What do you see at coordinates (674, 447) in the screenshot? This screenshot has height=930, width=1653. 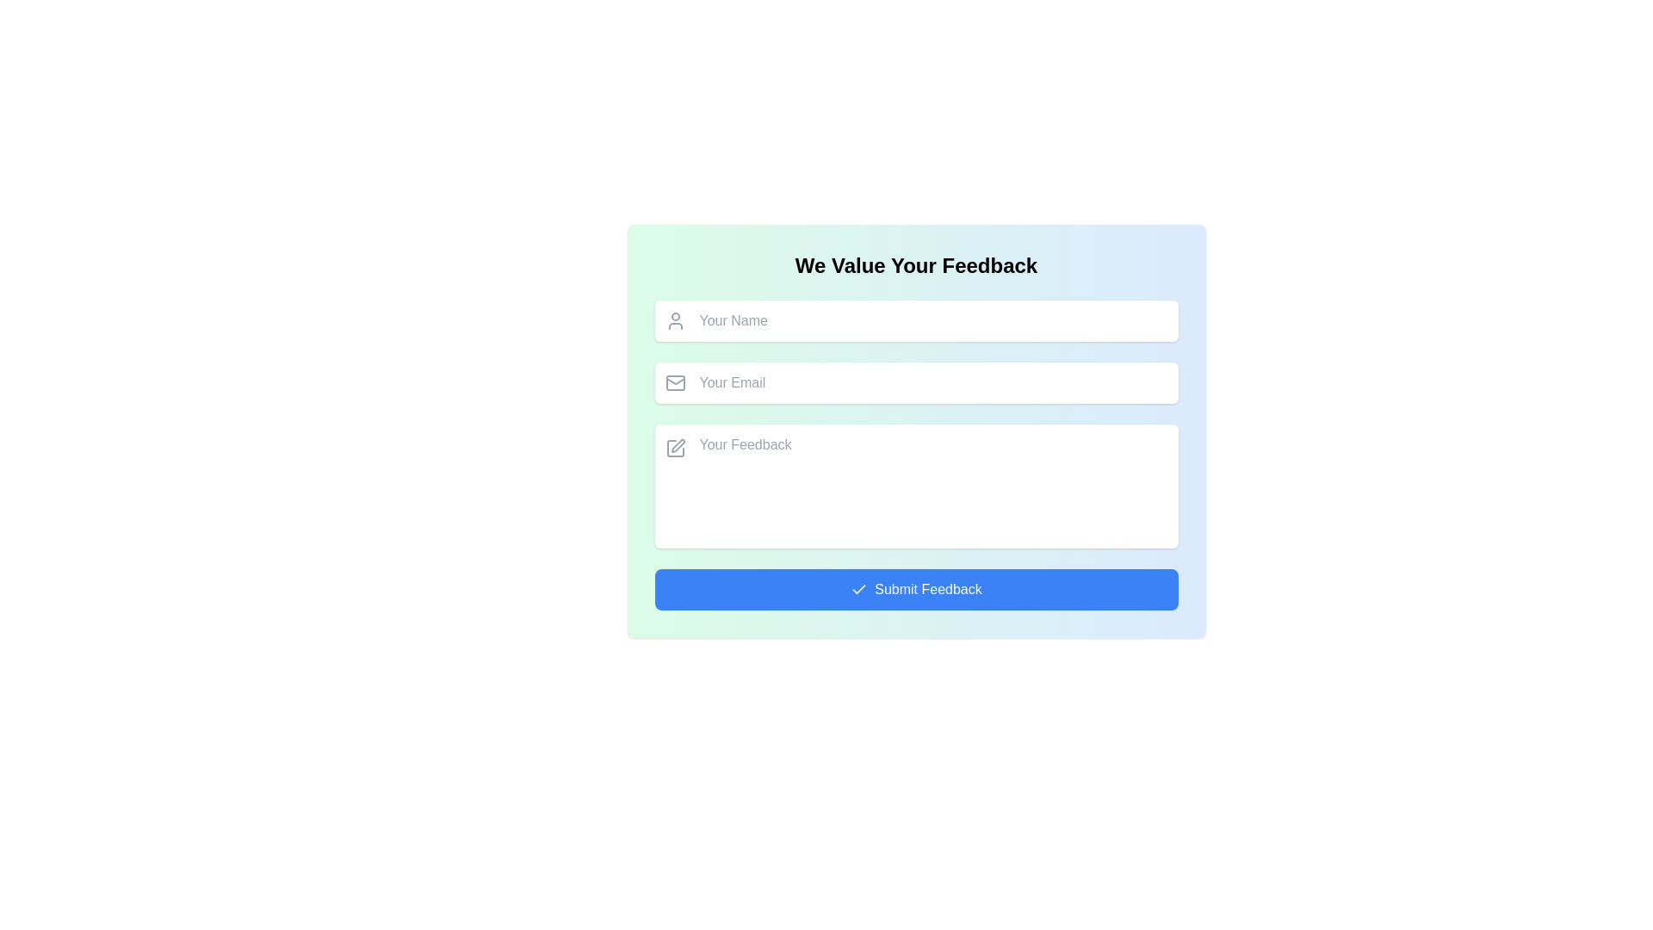 I see `the square pen icon with rounded corners located in the feedback section, adjacent to the 'Your Feedback' label` at bounding box center [674, 447].